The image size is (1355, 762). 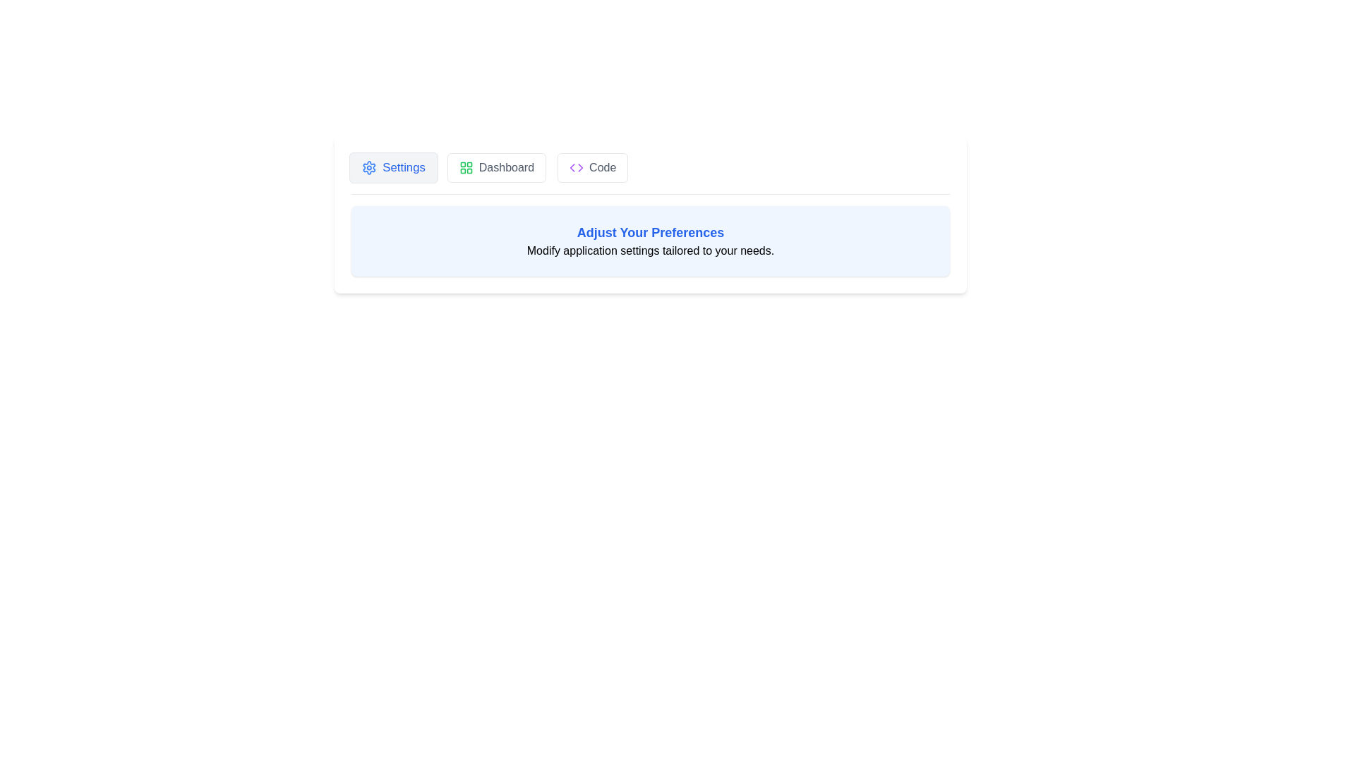 What do you see at coordinates (577, 167) in the screenshot?
I see `the icon of the tab labeled Code` at bounding box center [577, 167].